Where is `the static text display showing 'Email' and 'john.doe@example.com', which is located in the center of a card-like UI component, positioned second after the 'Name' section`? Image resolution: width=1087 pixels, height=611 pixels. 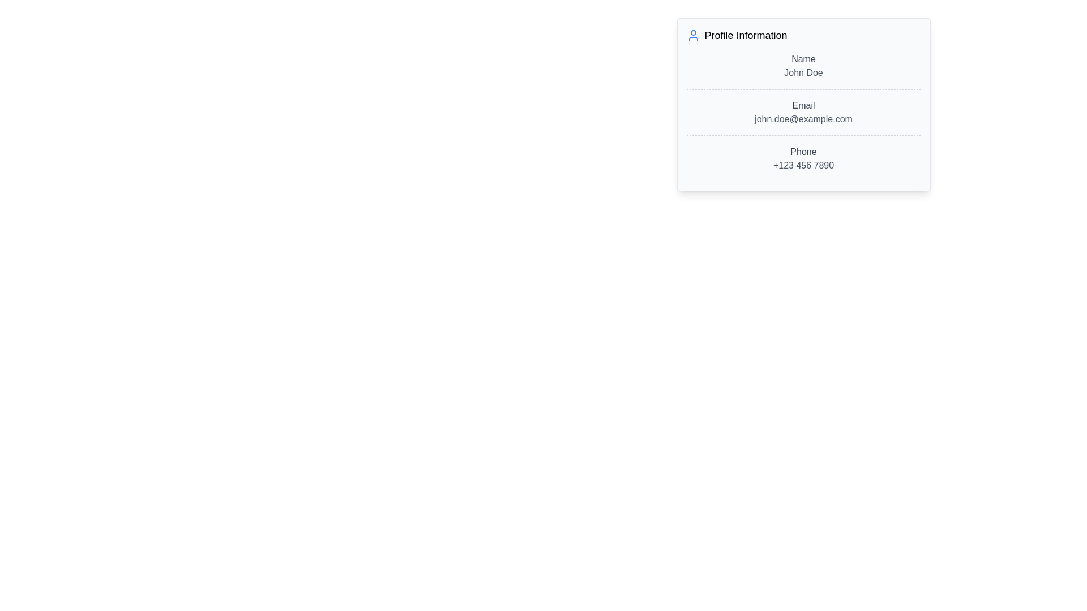
the static text display showing 'Email' and 'john.doe@example.com', which is located in the center of a card-like UI component, positioned second after the 'Name' section is located at coordinates (803, 113).